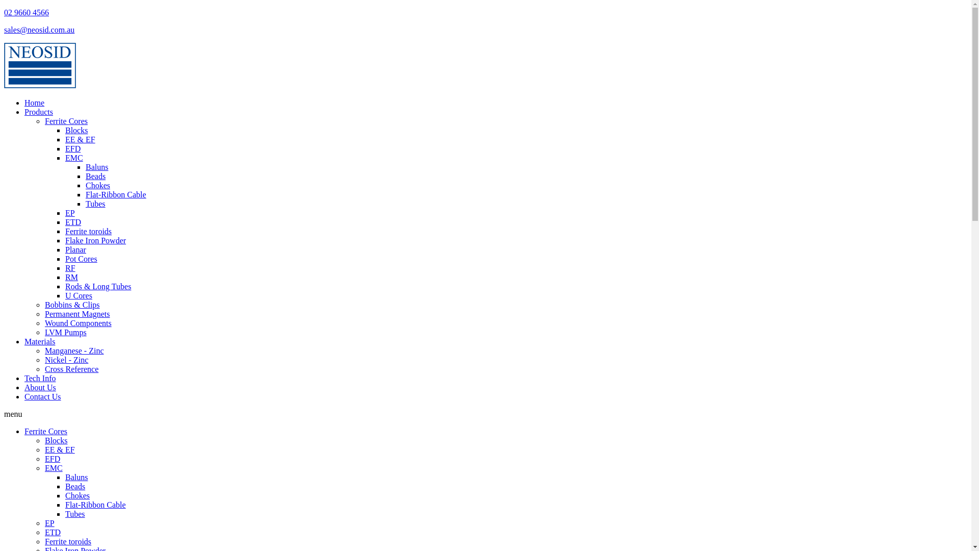 This screenshot has height=551, width=979. Describe the element at coordinates (86, 194) in the screenshot. I see `'Flat-Ribbon Cable'` at that location.